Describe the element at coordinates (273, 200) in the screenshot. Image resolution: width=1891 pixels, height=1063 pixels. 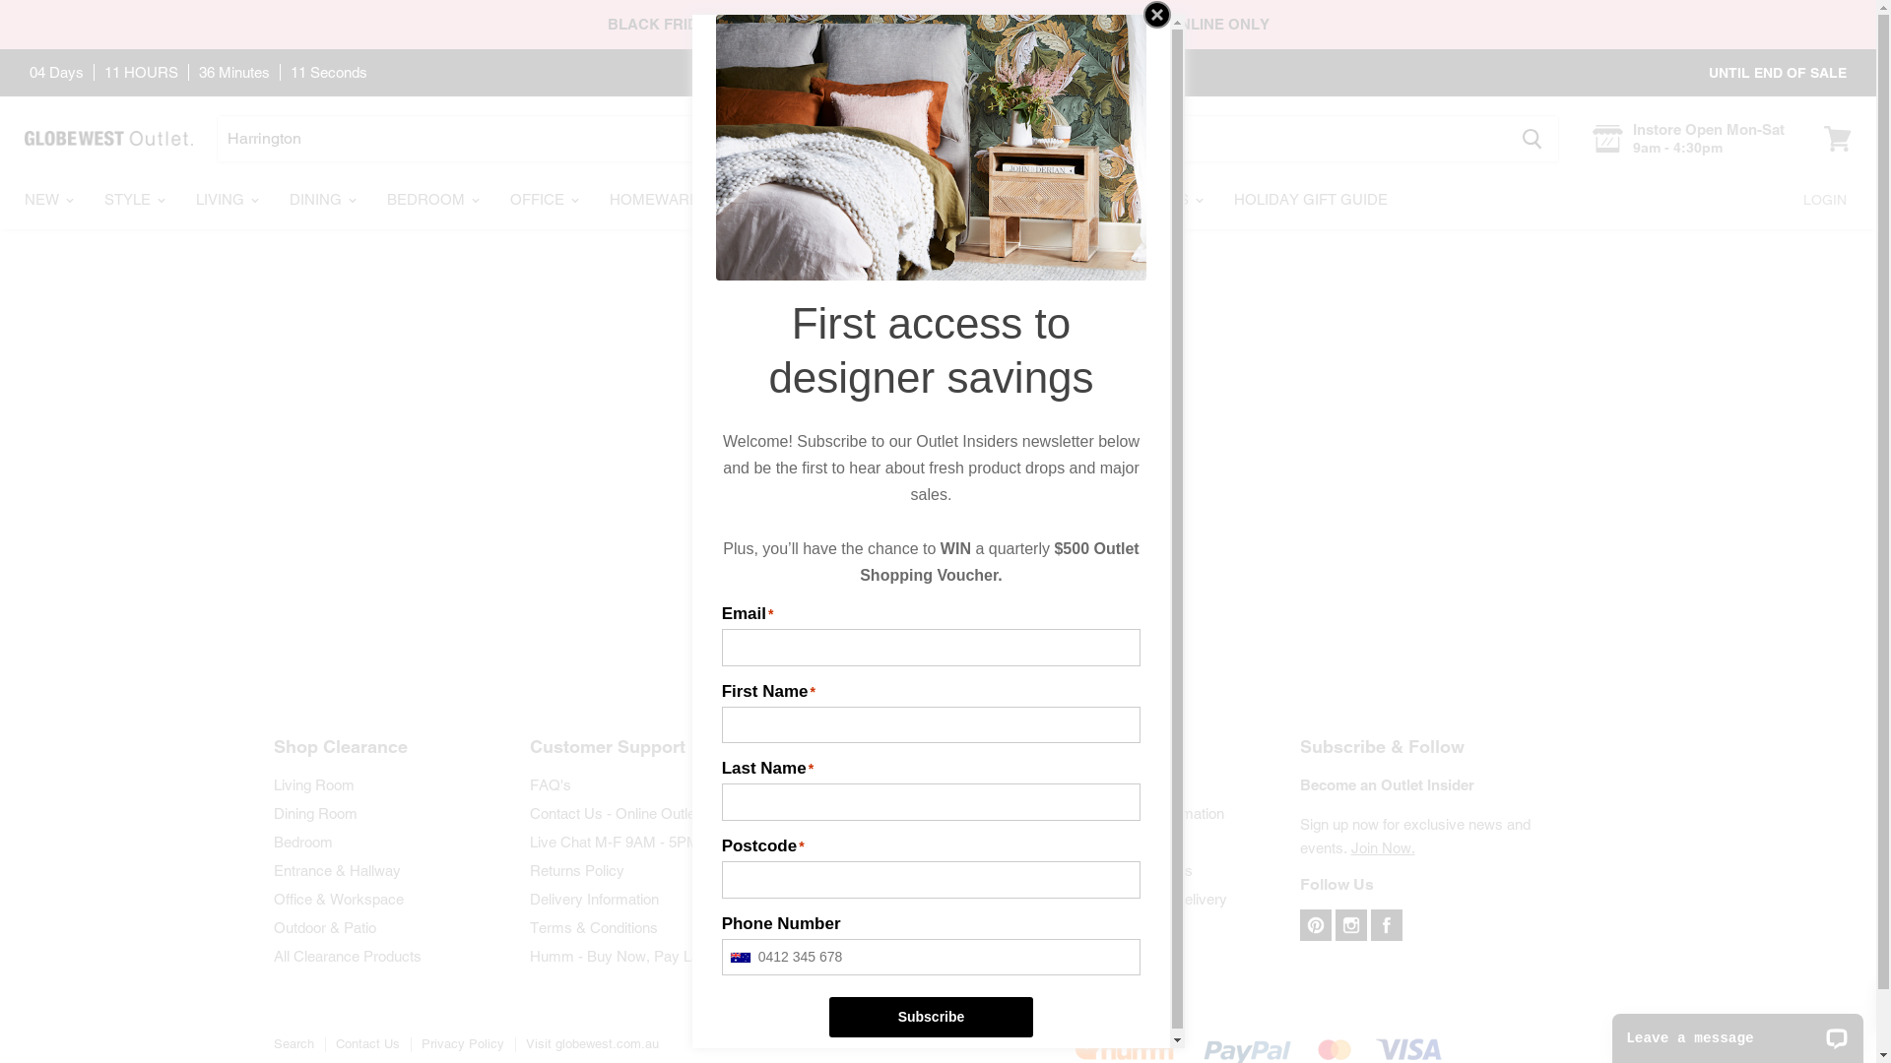
I see `'DINING'` at that location.